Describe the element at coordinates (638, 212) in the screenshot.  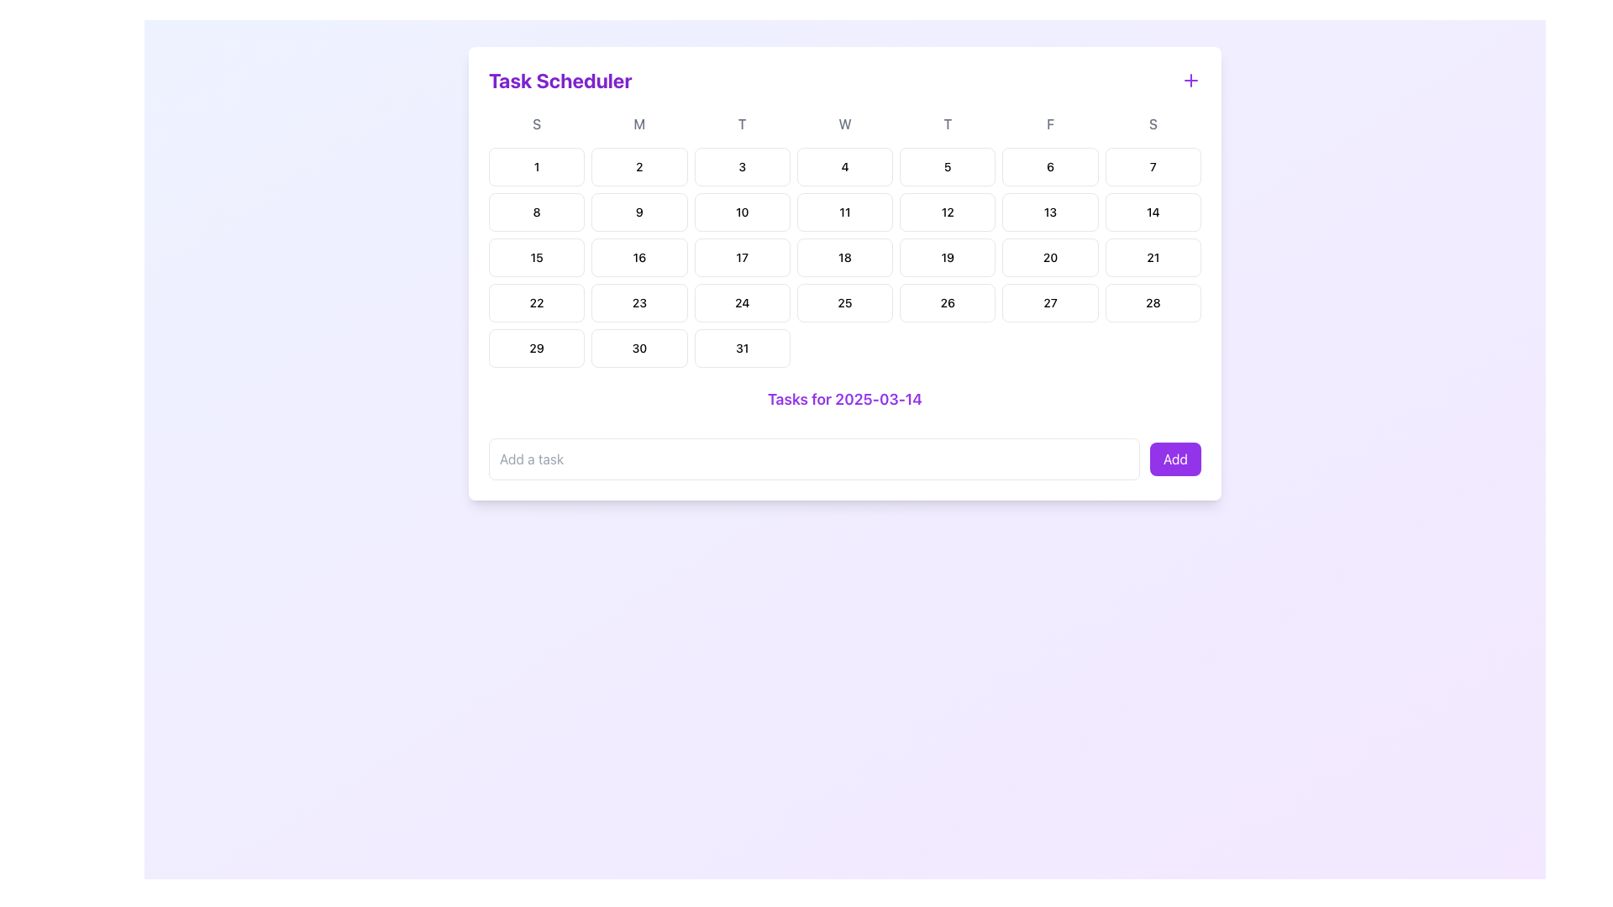
I see `the button for the date '9' in the calendar interface` at that location.